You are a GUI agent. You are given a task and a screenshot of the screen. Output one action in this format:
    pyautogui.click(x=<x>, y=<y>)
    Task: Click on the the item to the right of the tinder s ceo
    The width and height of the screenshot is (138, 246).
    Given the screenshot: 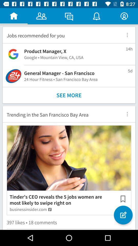 What is the action you would take?
    pyautogui.click(x=123, y=215)
    